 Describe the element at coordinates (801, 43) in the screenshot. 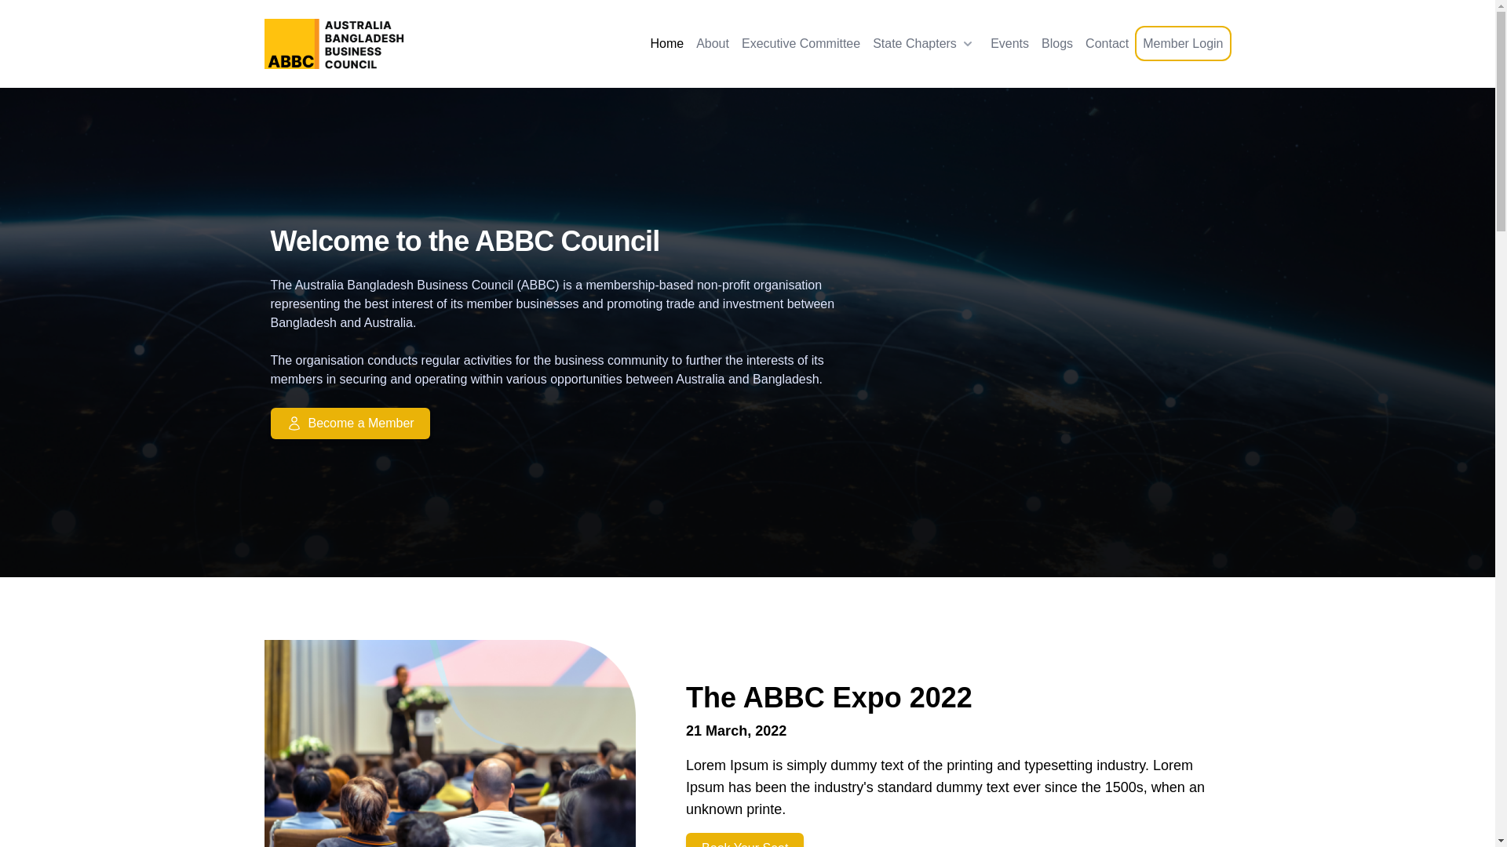

I see `'Executive Committee'` at that location.